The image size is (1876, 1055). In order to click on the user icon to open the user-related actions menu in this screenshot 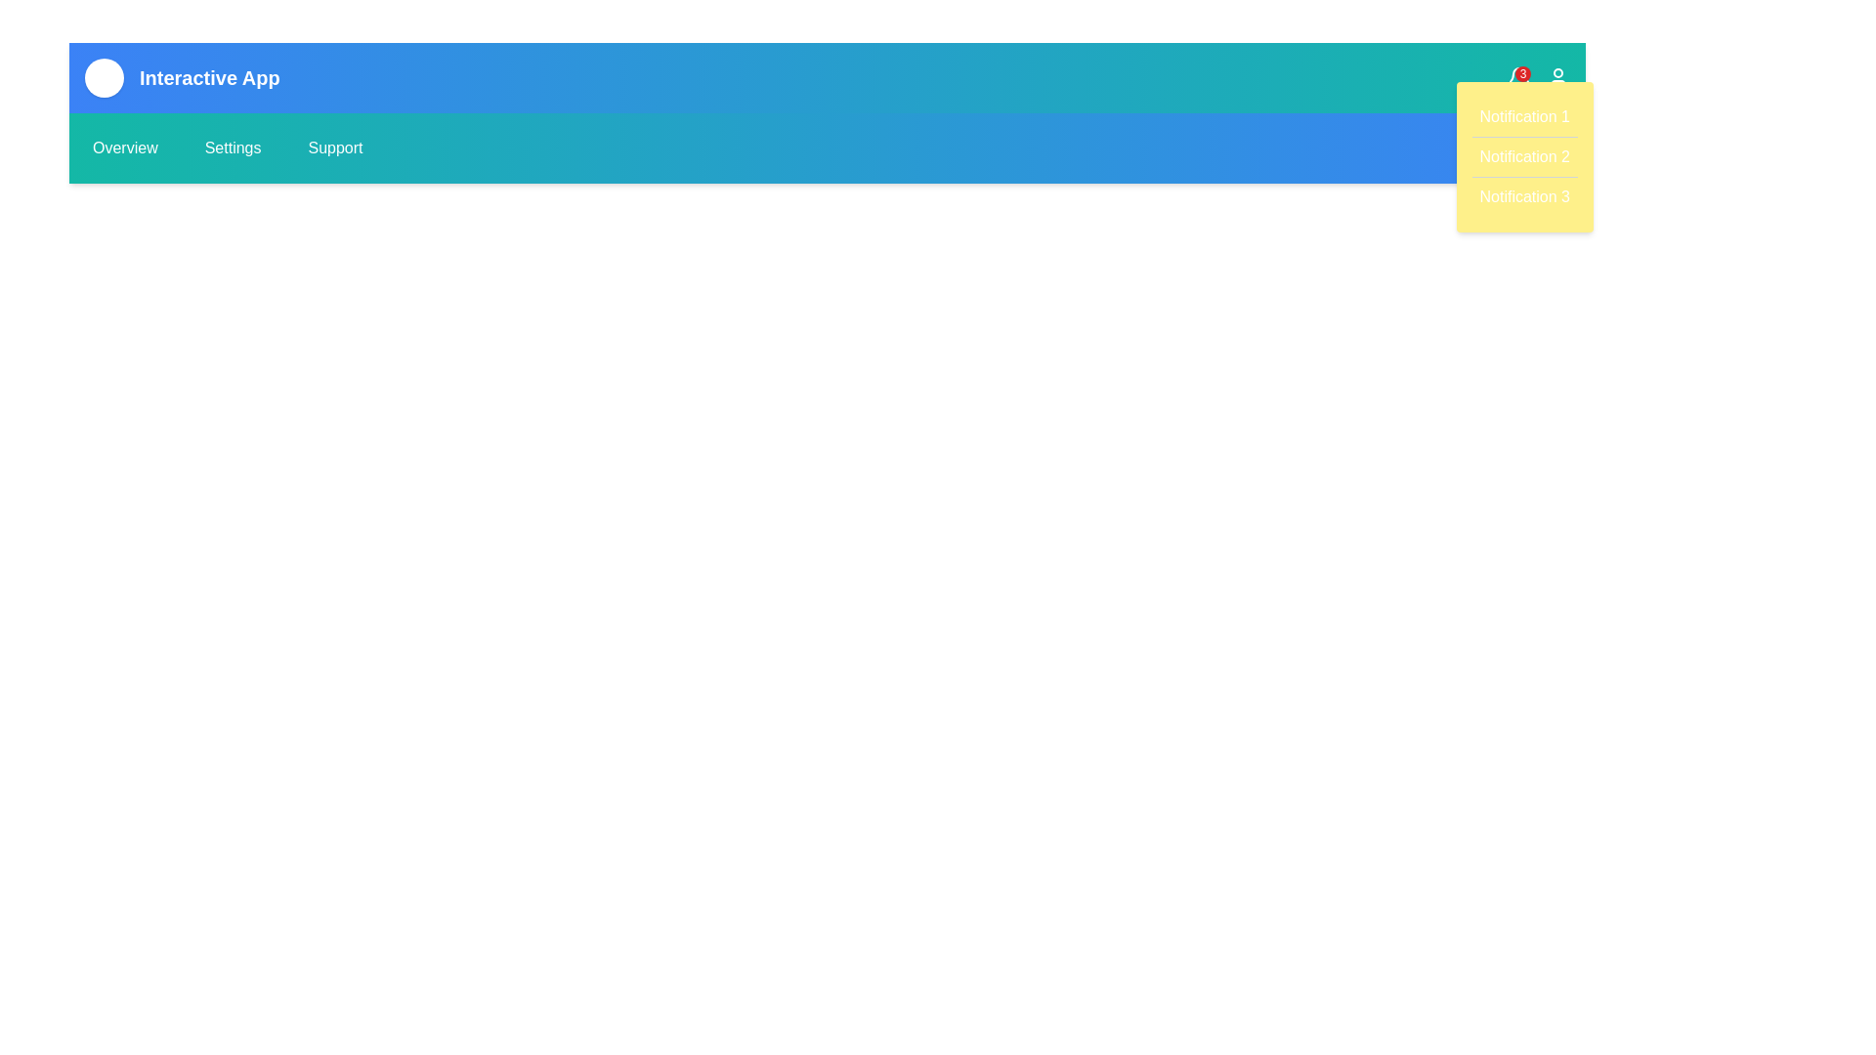, I will do `click(1556, 77)`.